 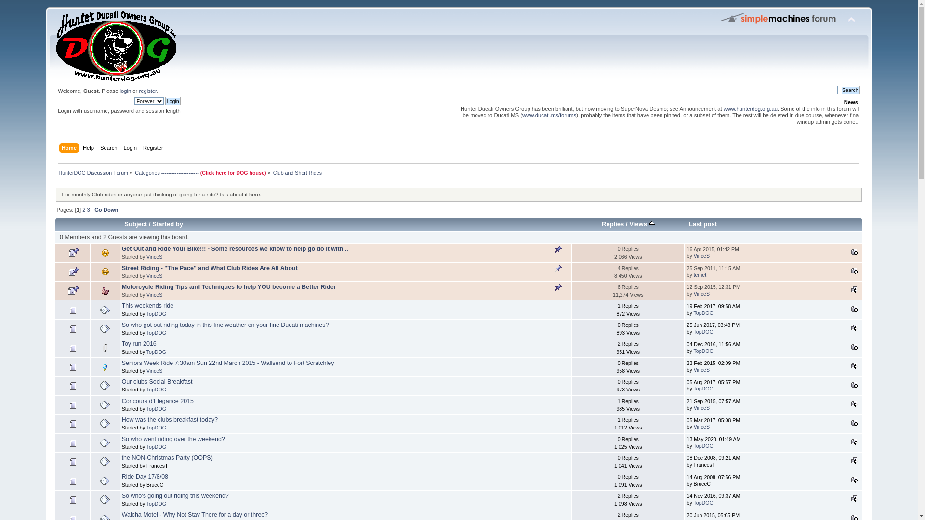 What do you see at coordinates (750, 108) in the screenshot?
I see `'www.hunterdog.org.au'` at bounding box center [750, 108].